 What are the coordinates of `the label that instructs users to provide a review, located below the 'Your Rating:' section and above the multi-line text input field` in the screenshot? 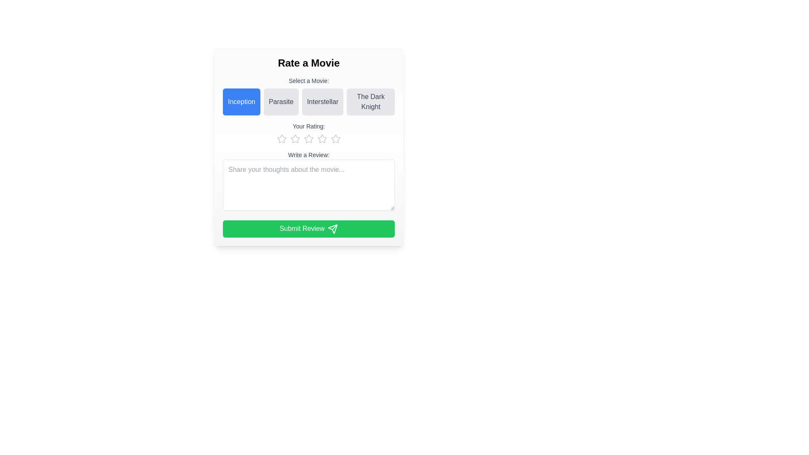 It's located at (308, 155).